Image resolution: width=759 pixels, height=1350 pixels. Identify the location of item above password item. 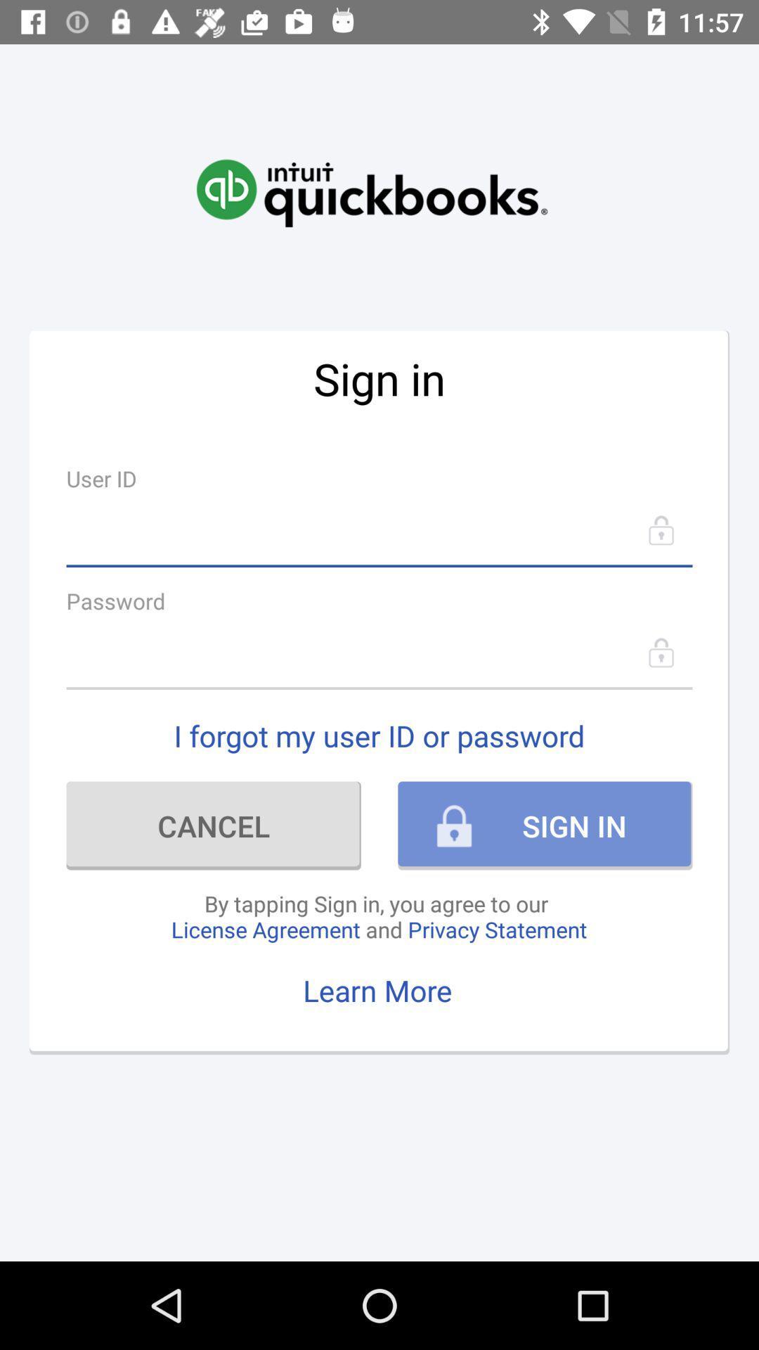
(379, 529).